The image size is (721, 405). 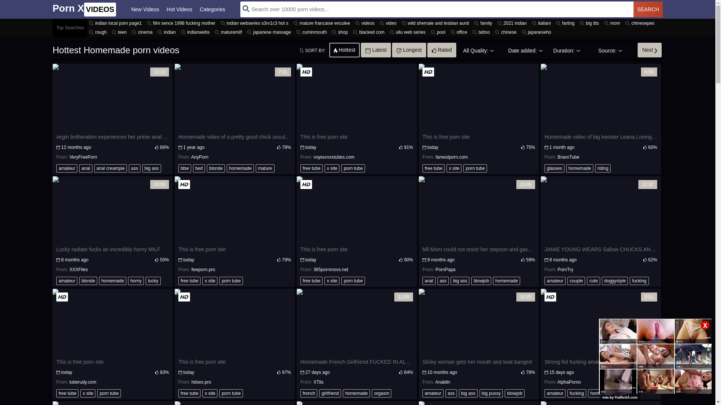 What do you see at coordinates (603, 168) in the screenshot?
I see `'riding'` at bounding box center [603, 168].